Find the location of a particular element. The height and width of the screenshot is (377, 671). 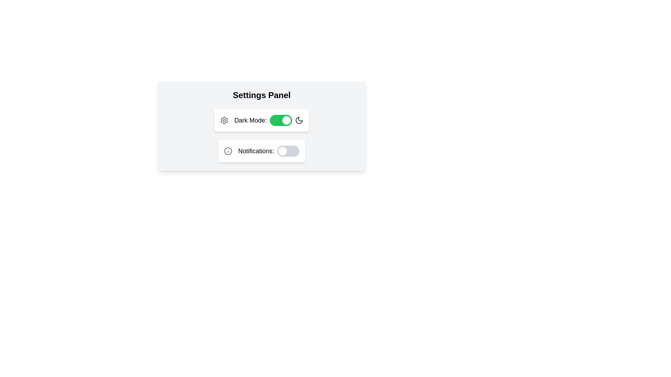

the circular toggle knob for 'Dark Mode' in the settings panel is located at coordinates (286, 120).